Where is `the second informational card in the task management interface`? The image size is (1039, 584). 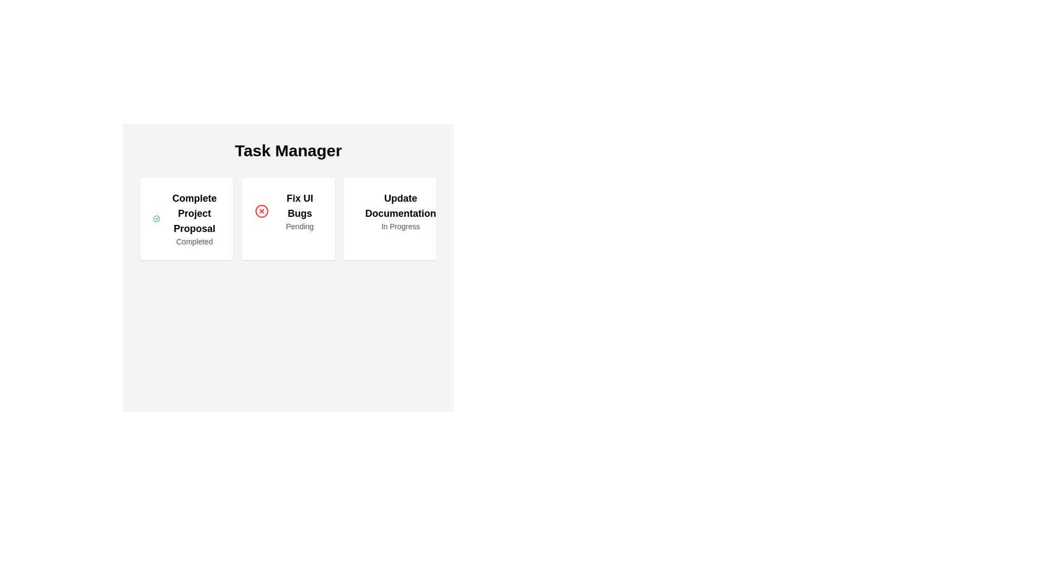 the second informational card in the task management interface is located at coordinates (288, 219).